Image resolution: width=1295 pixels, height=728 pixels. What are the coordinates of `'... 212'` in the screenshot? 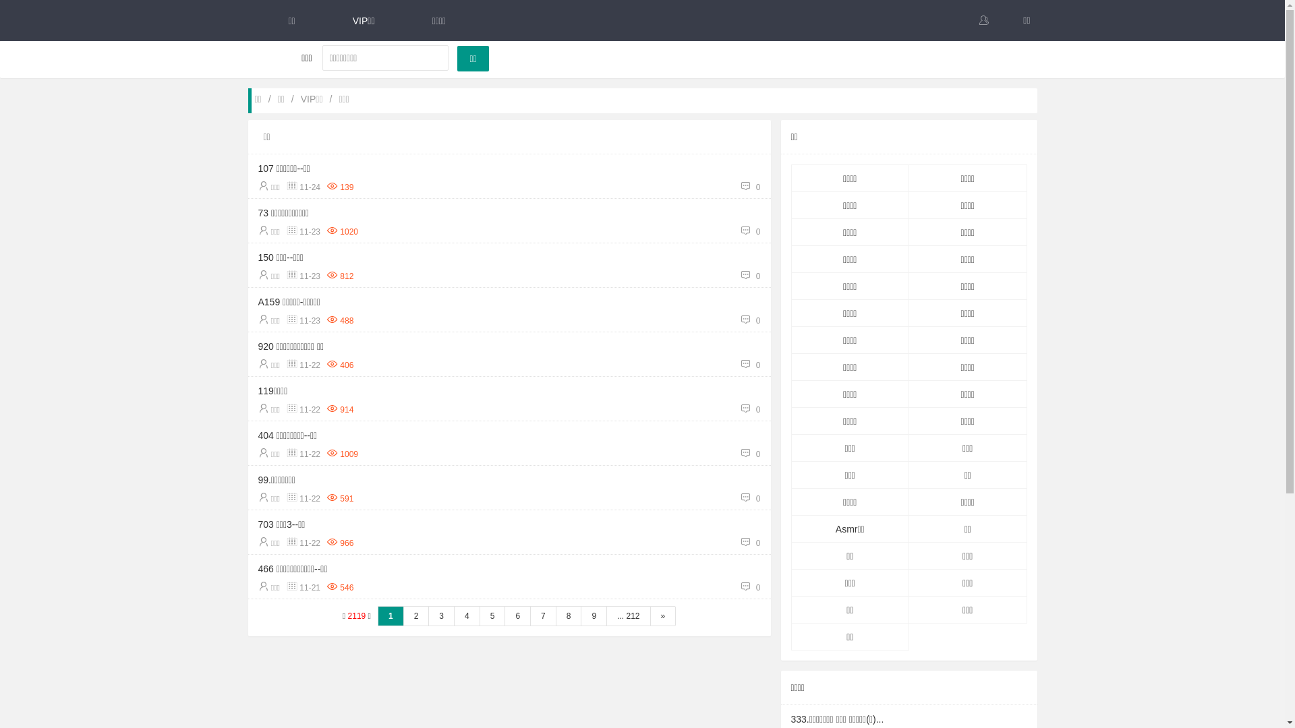 It's located at (627, 616).